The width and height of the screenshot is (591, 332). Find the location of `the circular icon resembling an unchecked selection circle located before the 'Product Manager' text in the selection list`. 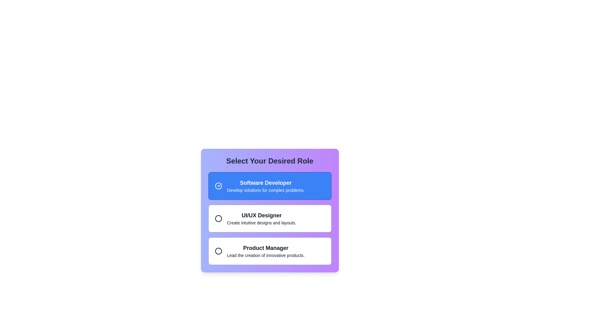

the circular icon resembling an unchecked selection circle located before the 'Product Manager' text in the selection list is located at coordinates (218, 251).